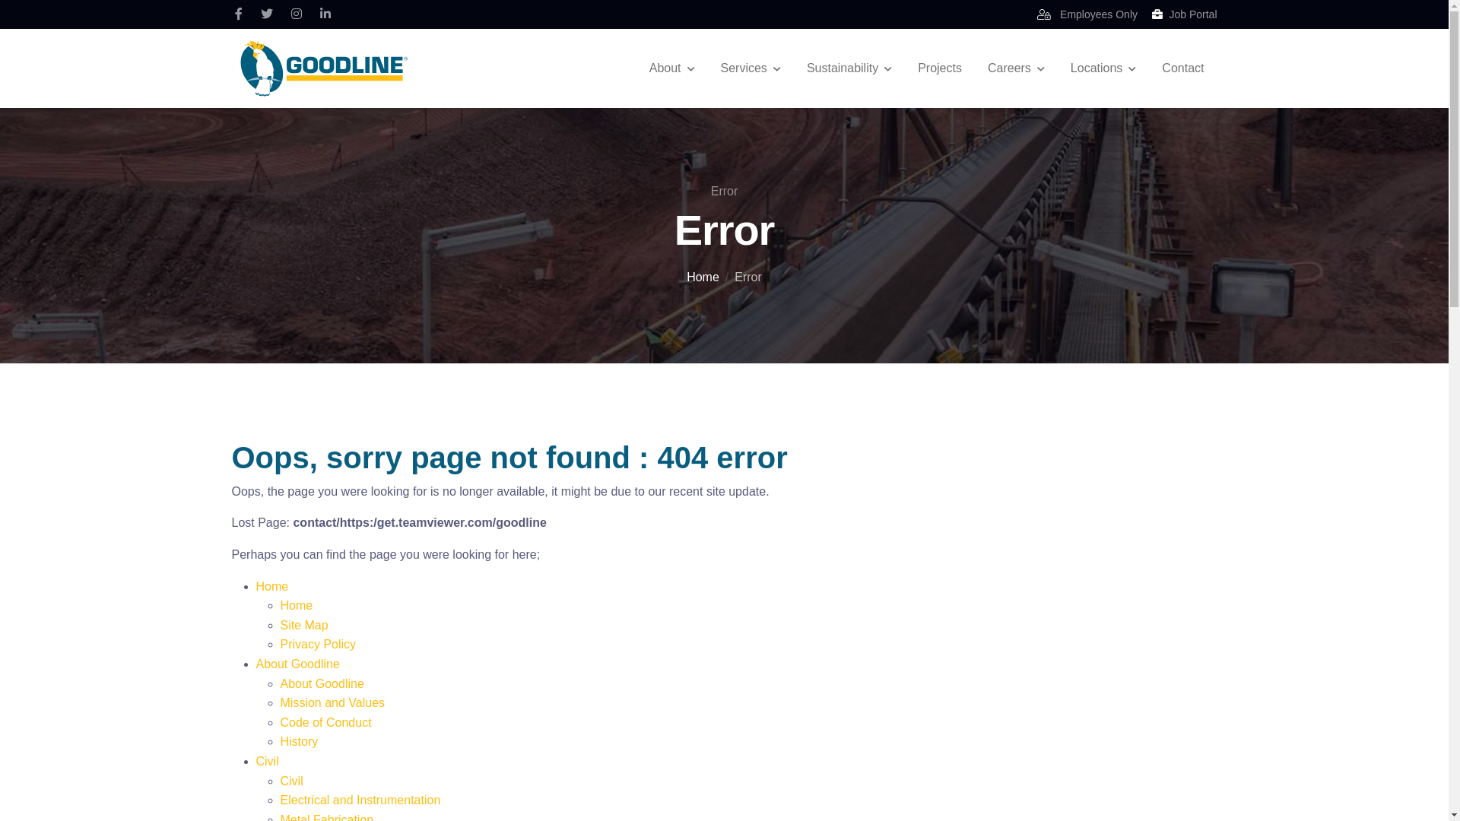 Image resolution: width=1460 pixels, height=821 pixels. What do you see at coordinates (1036, 14) in the screenshot?
I see `'Employees Only'` at bounding box center [1036, 14].